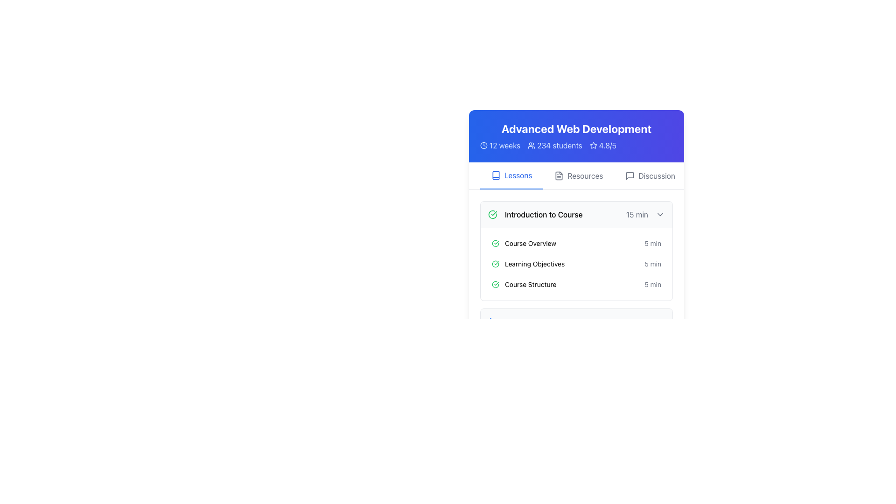  I want to click on the clock icon located in the header area of the 'Advanced Web Development' card, positioned to the left of the '12 weeks' text label, so click(483, 146).